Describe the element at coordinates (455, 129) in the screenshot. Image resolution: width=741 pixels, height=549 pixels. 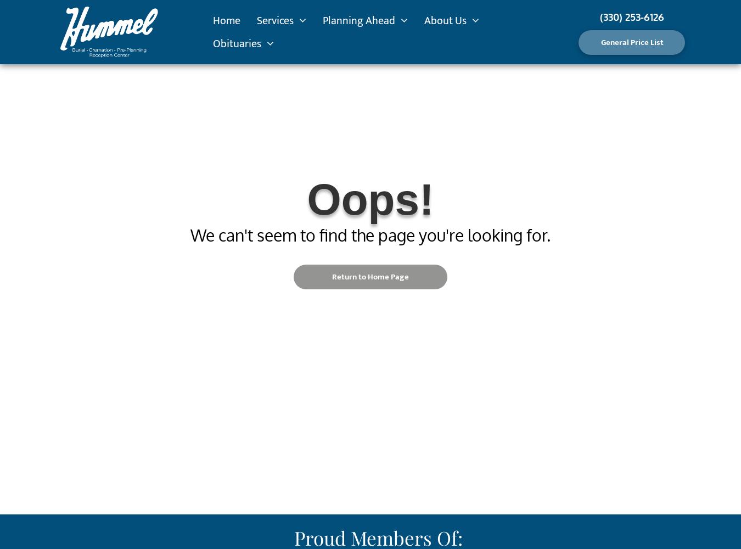
I see `'Testimonials'` at that location.